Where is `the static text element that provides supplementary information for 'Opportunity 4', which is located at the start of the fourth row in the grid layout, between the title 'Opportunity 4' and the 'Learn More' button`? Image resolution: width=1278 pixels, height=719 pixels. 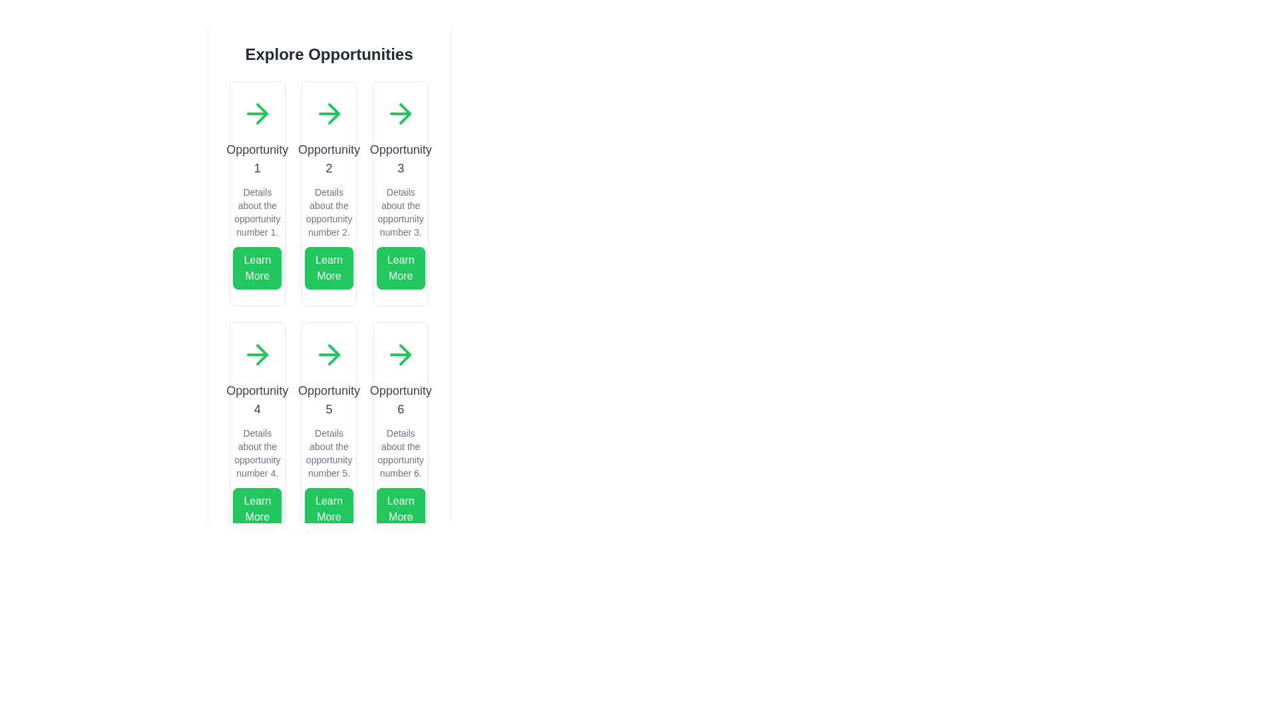
the static text element that provides supplementary information for 'Opportunity 4', which is located at the start of the fourth row in the grid layout, between the title 'Opportunity 4' and the 'Learn More' button is located at coordinates (257, 453).